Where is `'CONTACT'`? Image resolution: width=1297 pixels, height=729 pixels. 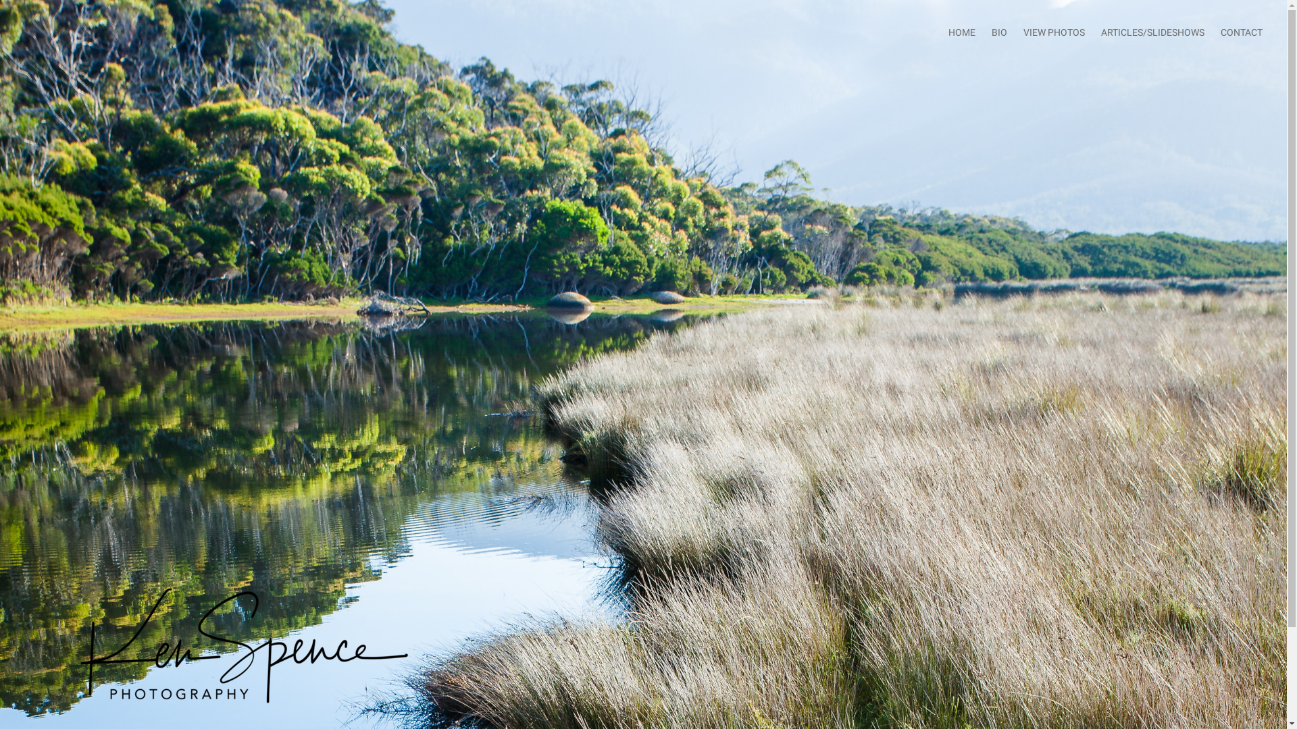
'CONTACT' is located at coordinates (1220, 31).